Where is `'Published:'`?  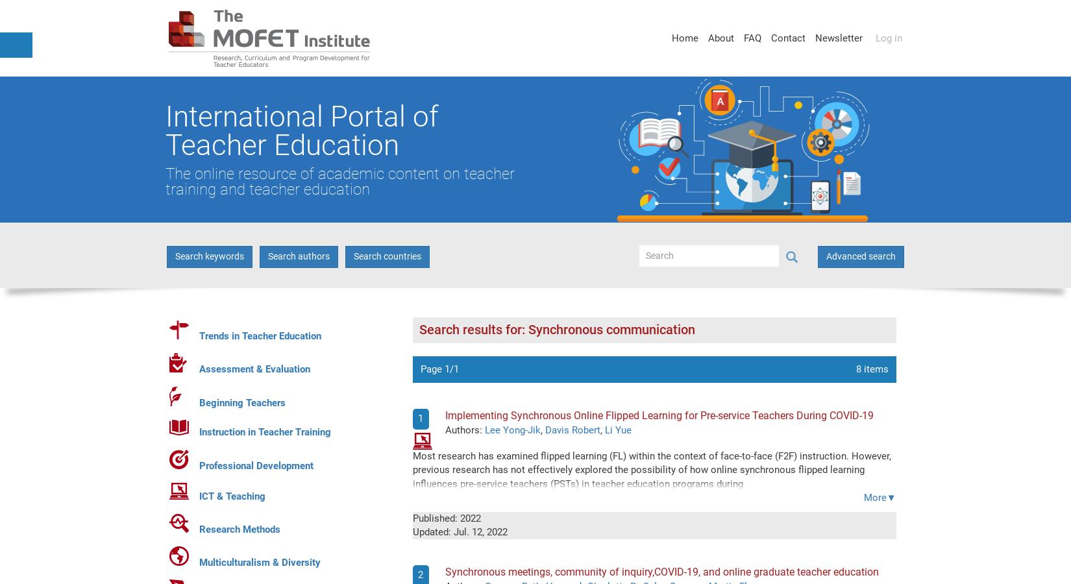
'Published:' is located at coordinates (435, 518).